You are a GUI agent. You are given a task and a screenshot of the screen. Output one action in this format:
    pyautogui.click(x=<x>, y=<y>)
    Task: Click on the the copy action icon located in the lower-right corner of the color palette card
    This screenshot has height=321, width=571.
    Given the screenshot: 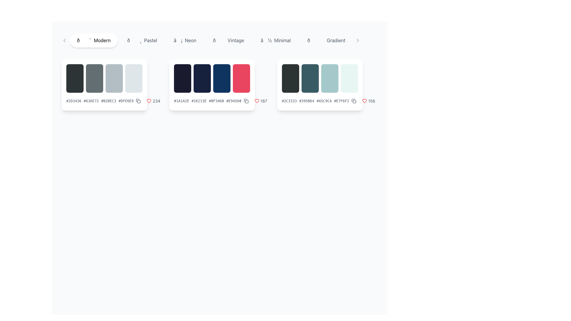 What is the action you would take?
    pyautogui.click(x=354, y=100)
    